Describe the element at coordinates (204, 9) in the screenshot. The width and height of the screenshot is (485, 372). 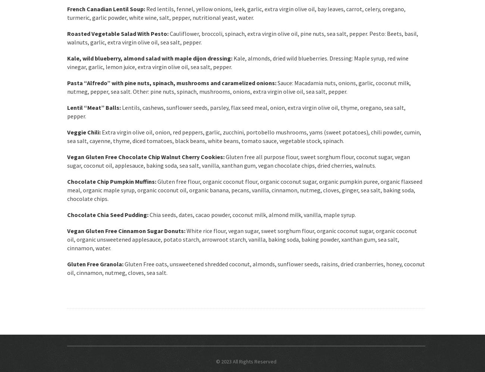
I see `'Red lentils, fennel, yellow onions, leek, garlic,'` at that location.